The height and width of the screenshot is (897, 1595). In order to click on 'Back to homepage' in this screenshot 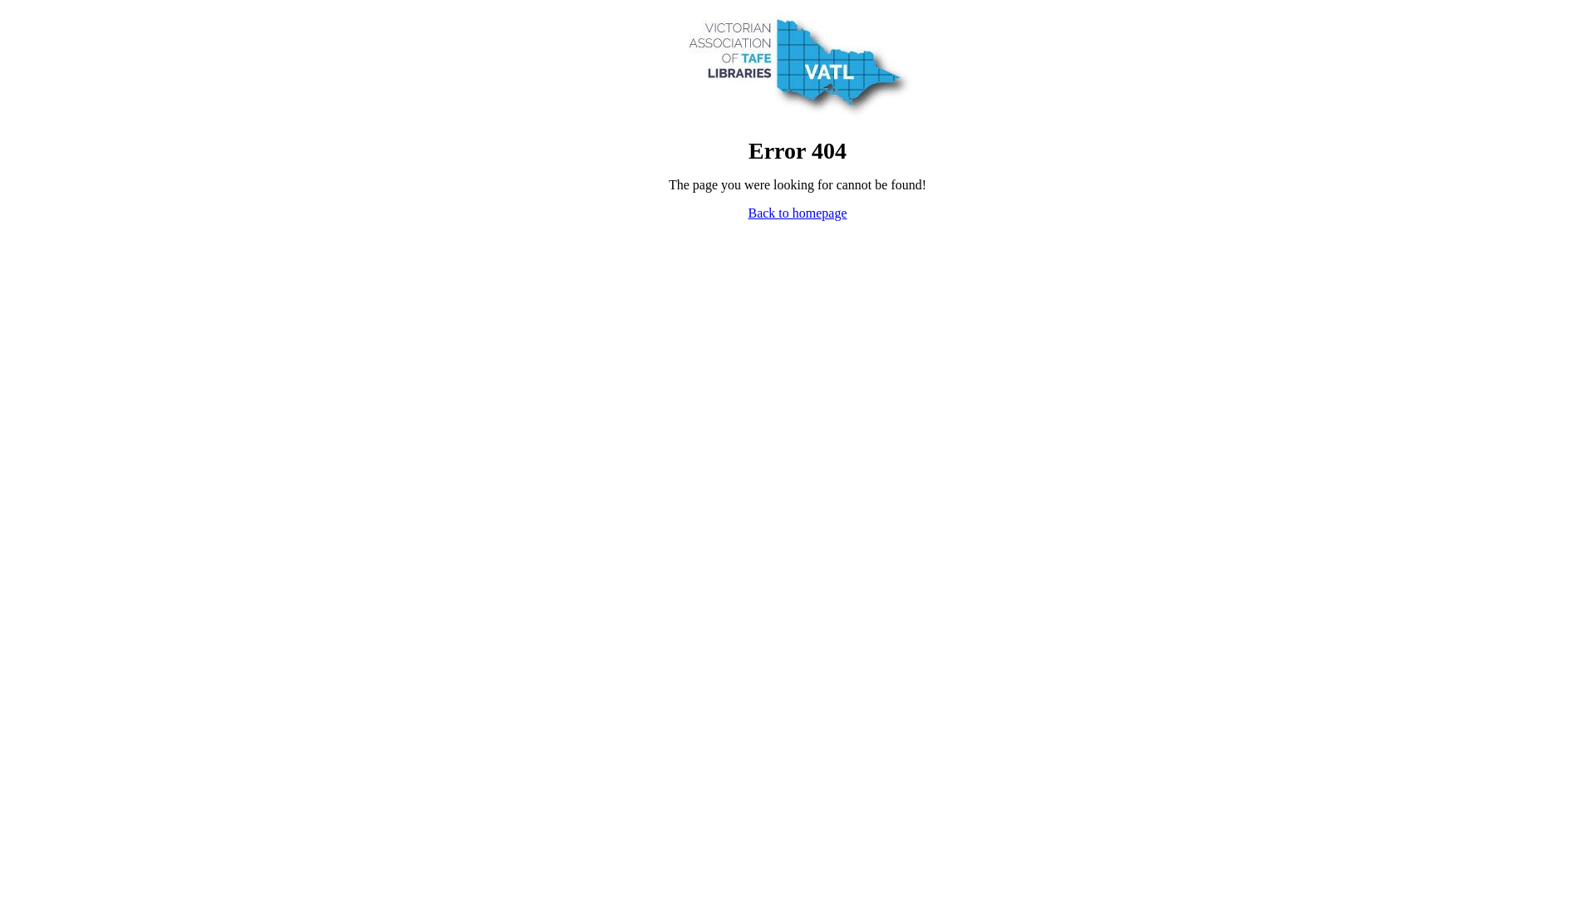, I will do `click(796, 212)`.